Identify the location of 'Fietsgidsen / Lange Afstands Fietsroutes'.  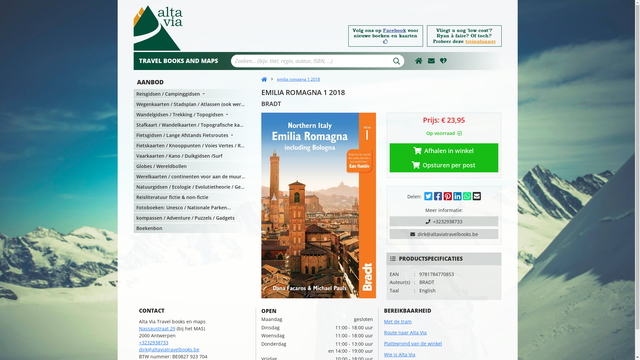
(192, 135).